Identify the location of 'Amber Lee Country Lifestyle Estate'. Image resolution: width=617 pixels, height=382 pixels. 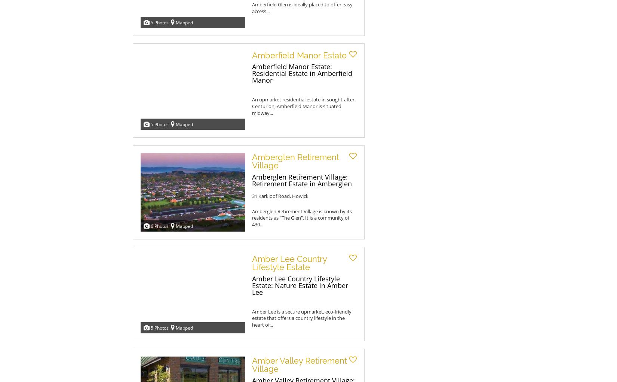
(289, 263).